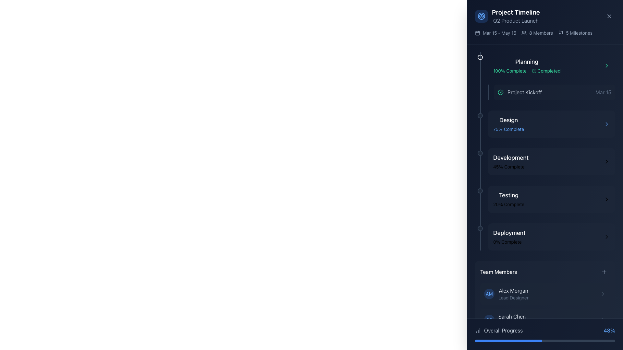 Image resolution: width=623 pixels, height=350 pixels. Describe the element at coordinates (551, 199) in the screenshot. I see `the 'Testing' task progress card located in the middle section of the interface, which shows its progress as 20% complete` at that location.